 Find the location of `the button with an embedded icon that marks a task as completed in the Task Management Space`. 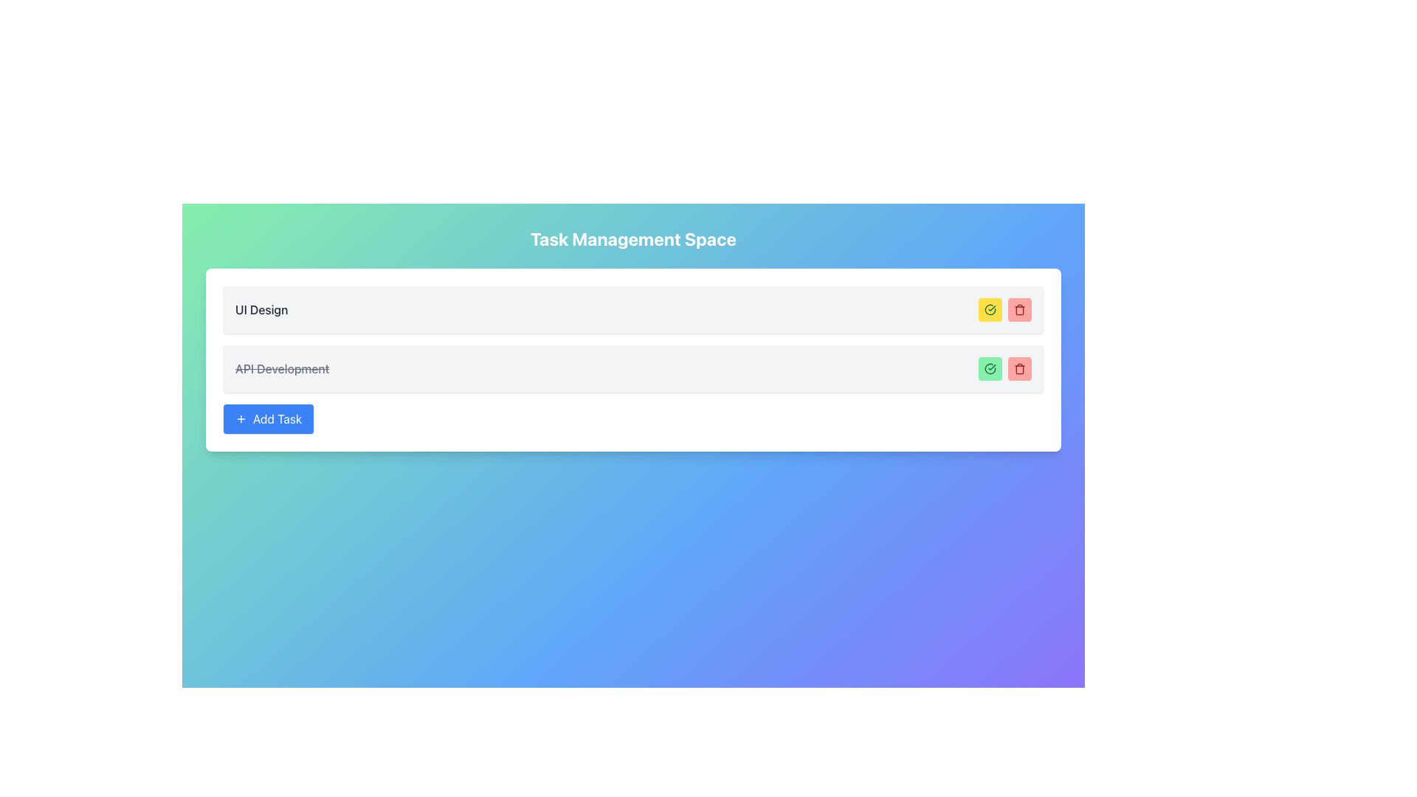

the button with an embedded icon that marks a task as completed in the Task Management Space is located at coordinates (990, 368).